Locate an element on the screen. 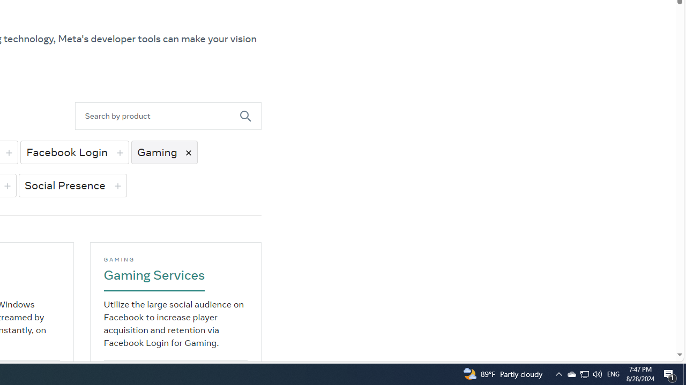  'Social Presence' is located at coordinates (72, 184).